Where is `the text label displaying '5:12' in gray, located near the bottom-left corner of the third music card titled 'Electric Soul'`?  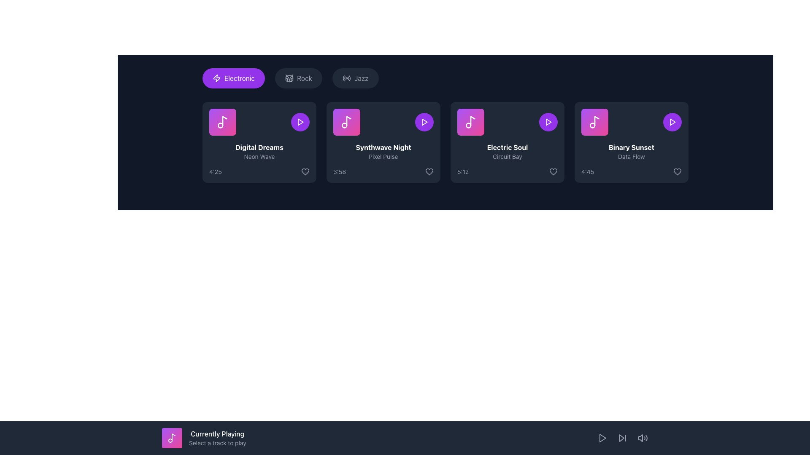 the text label displaying '5:12' in gray, located near the bottom-left corner of the third music card titled 'Electric Soul' is located at coordinates (462, 171).